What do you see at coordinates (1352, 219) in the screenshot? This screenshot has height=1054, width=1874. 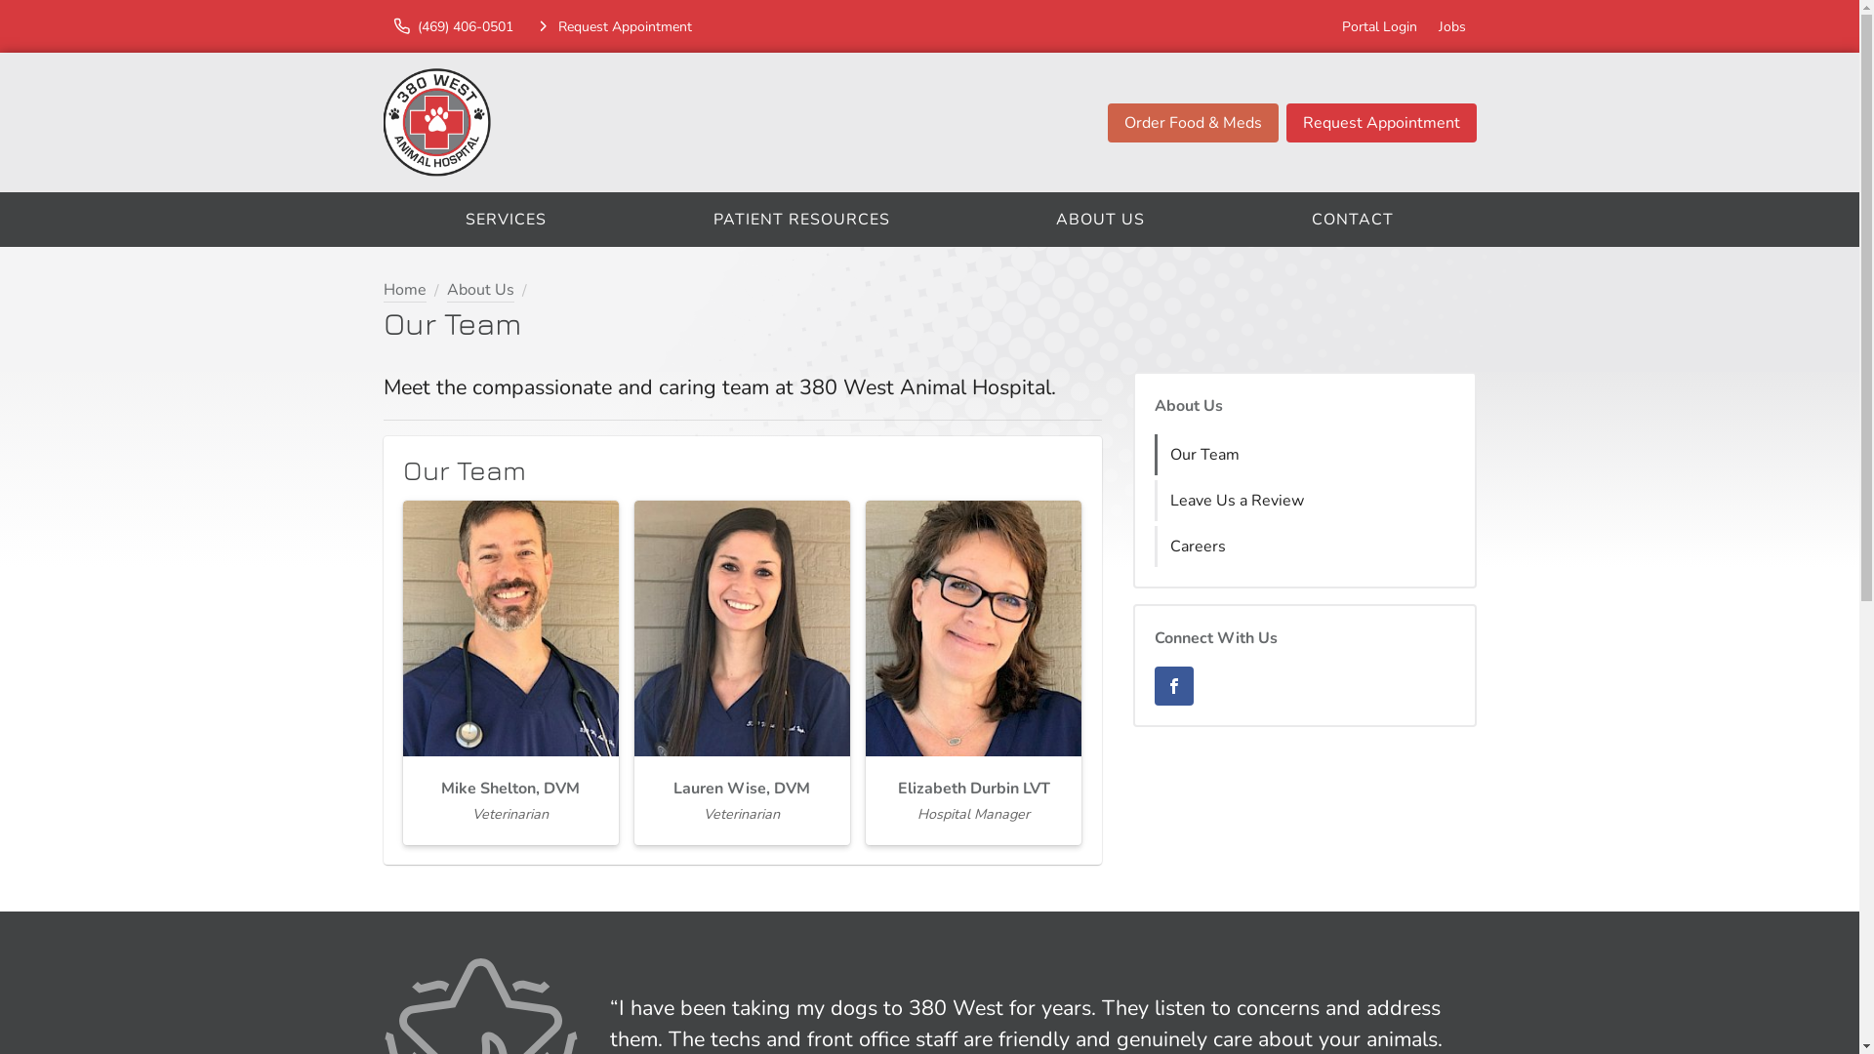 I see `'CONTACT'` at bounding box center [1352, 219].